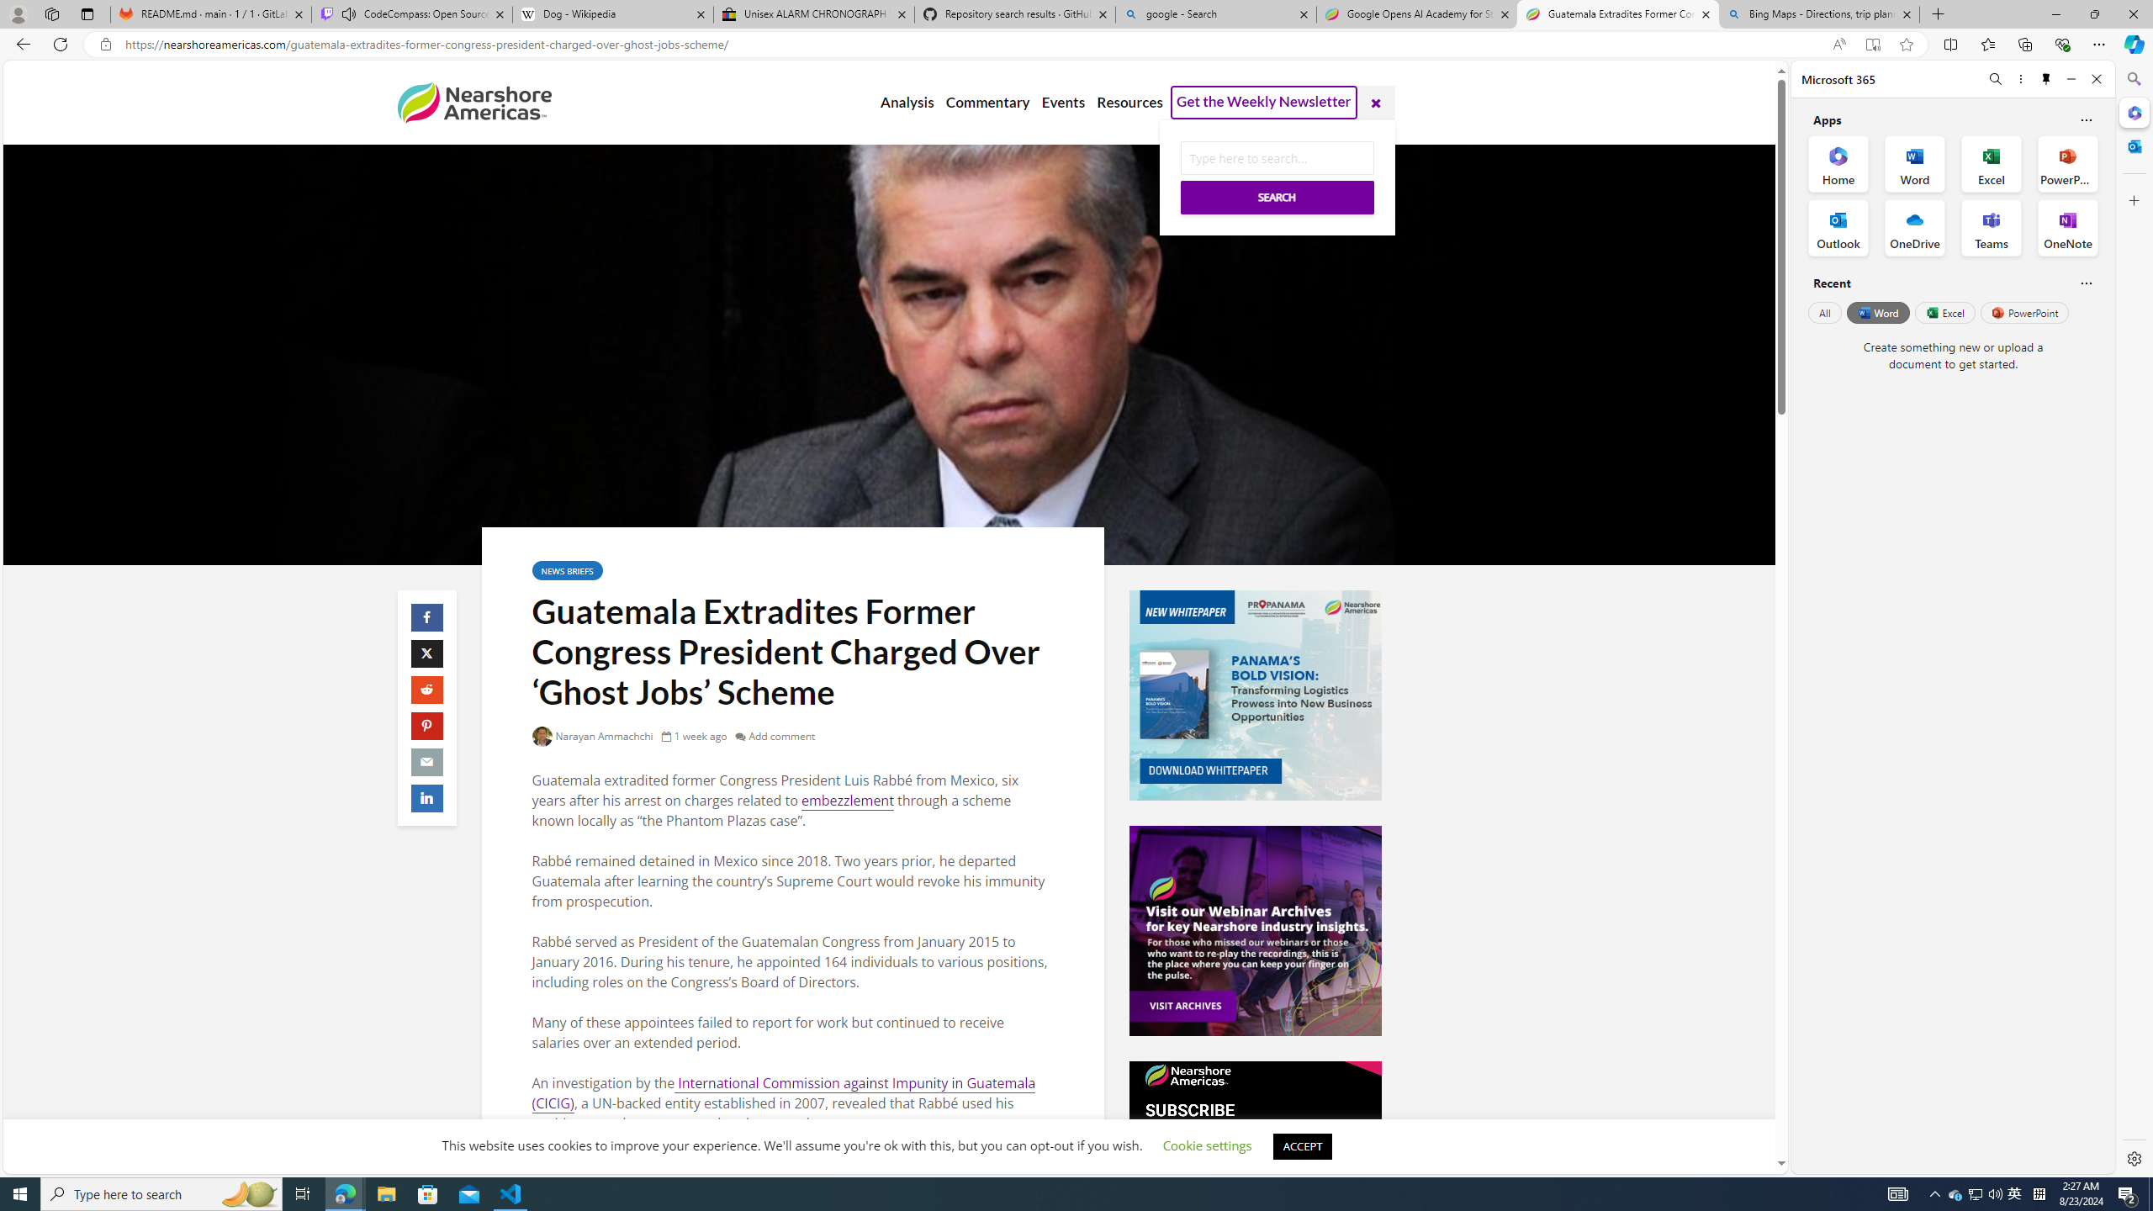  I want to click on 'Excel', so click(1944, 312).